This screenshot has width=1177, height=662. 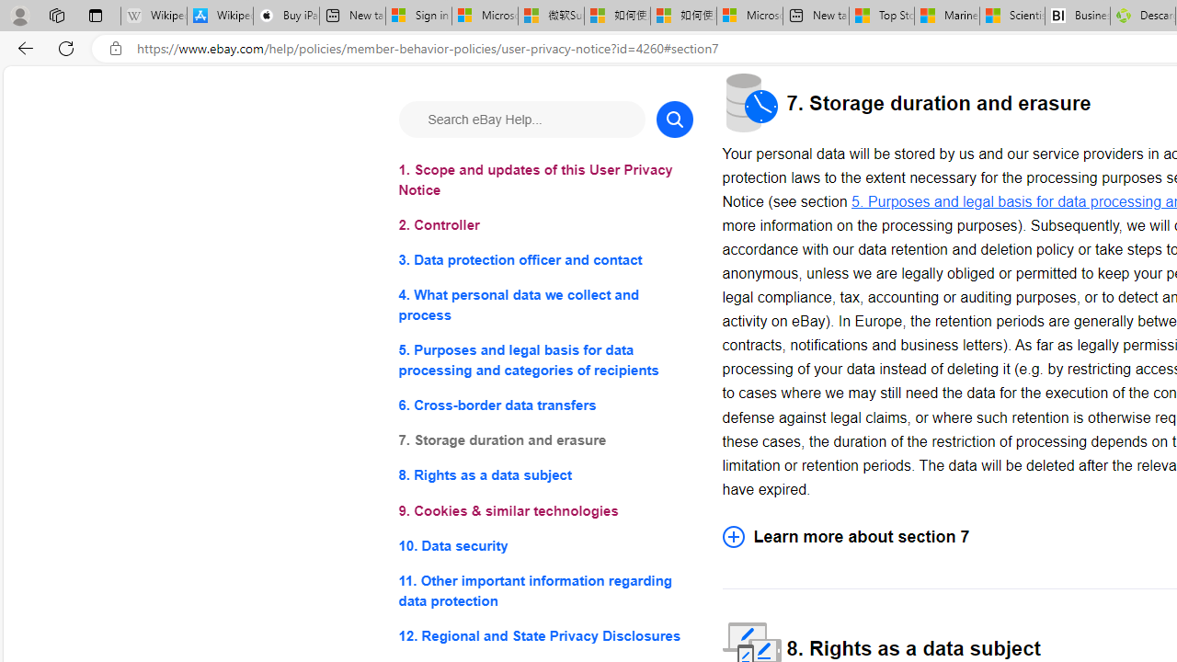 What do you see at coordinates (544, 544) in the screenshot?
I see `'10. Data security'` at bounding box center [544, 544].